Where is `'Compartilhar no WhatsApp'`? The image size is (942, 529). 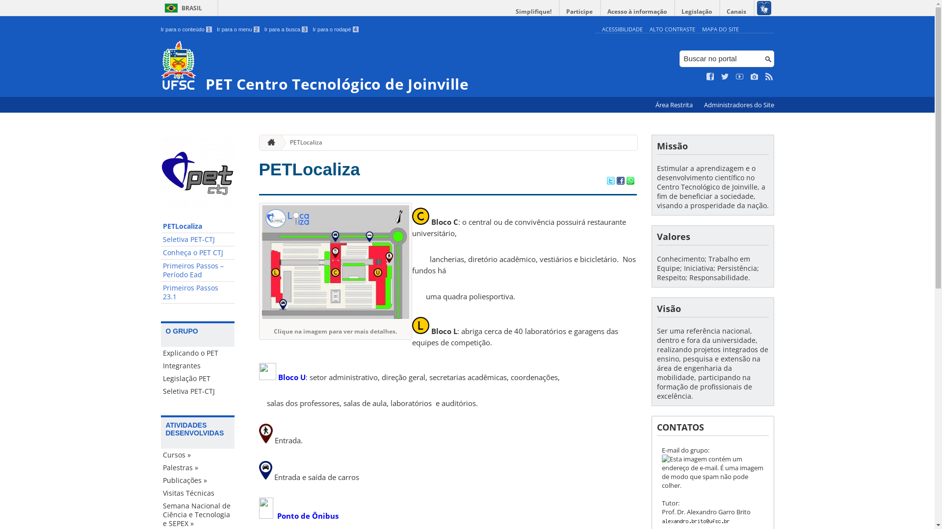 'Compartilhar no WhatsApp' is located at coordinates (629, 181).